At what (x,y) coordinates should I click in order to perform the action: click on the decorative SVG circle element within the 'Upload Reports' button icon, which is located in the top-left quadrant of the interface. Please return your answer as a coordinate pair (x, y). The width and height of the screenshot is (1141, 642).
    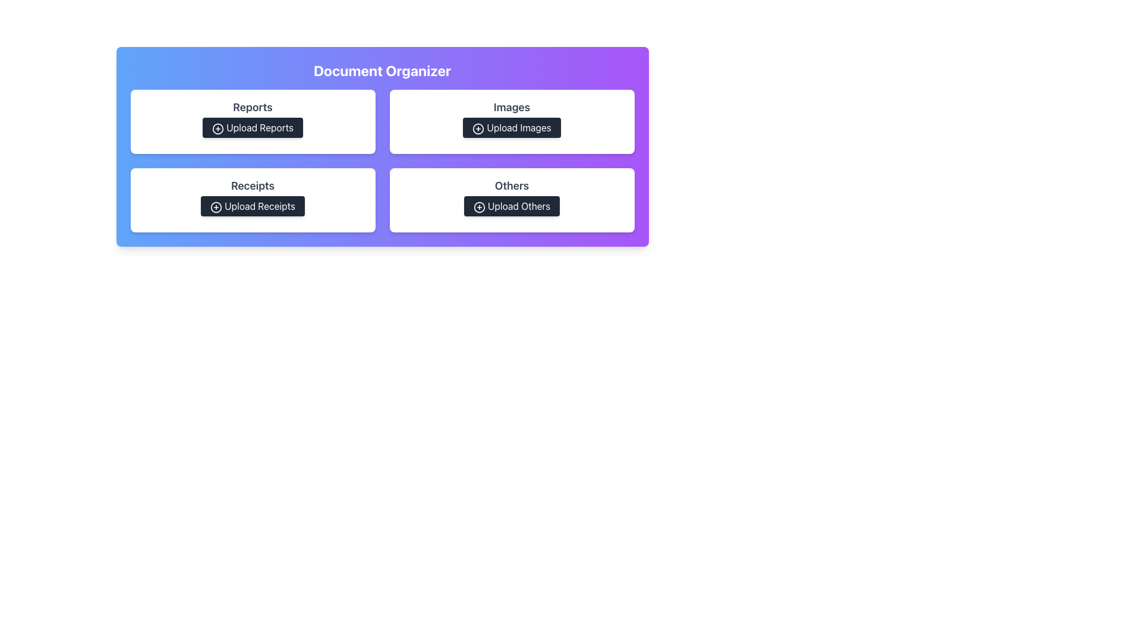
    Looking at the image, I should click on (218, 128).